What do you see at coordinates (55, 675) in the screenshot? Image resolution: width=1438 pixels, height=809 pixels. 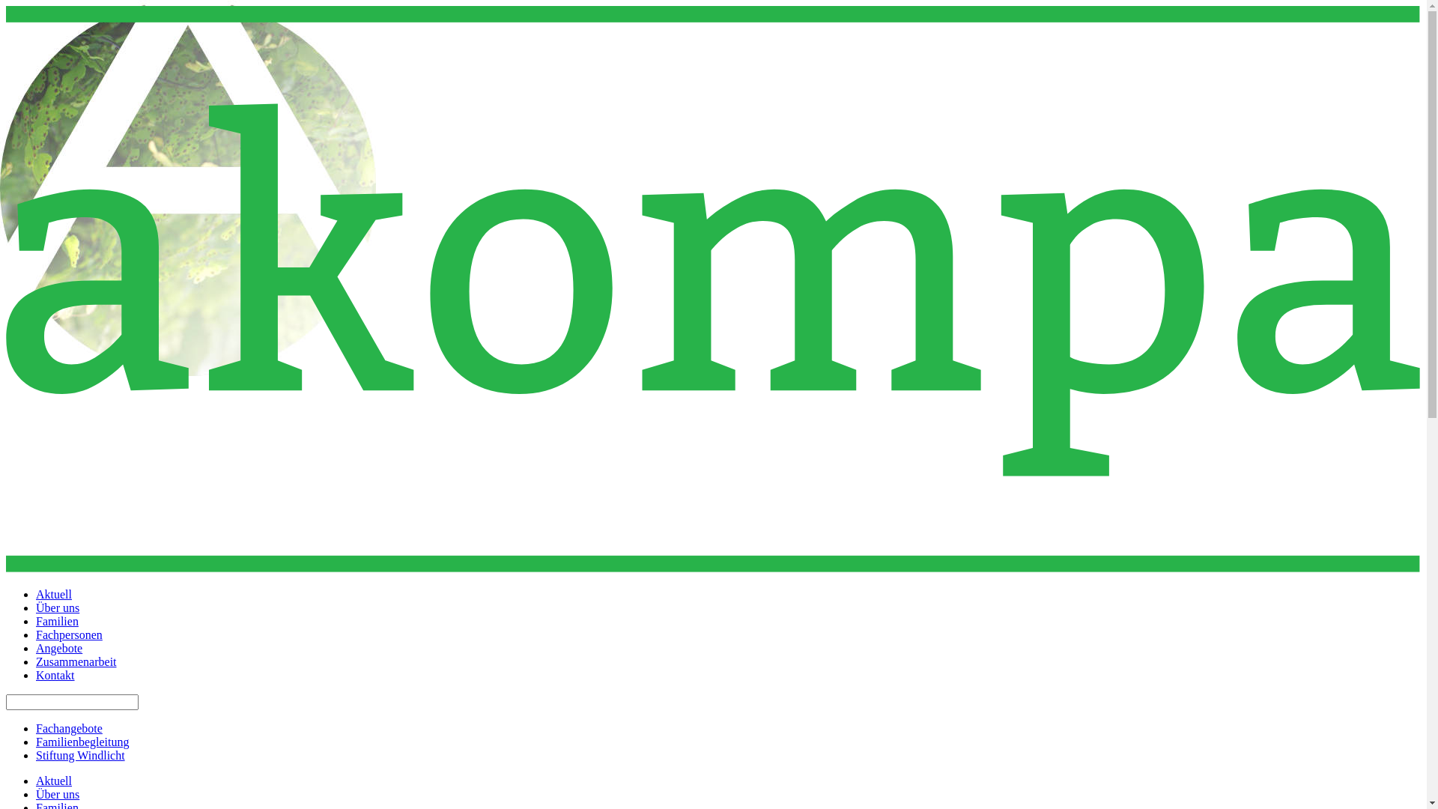 I see `'Kontakt'` at bounding box center [55, 675].